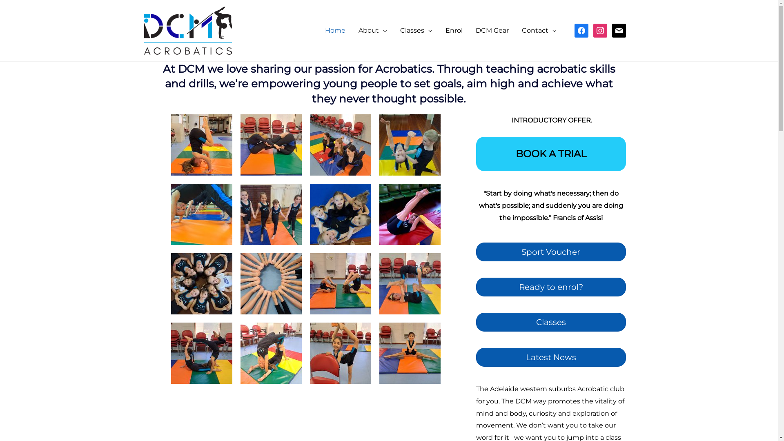  What do you see at coordinates (580, 29) in the screenshot?
I see `'facebook'` at bounding box center [580, 29].